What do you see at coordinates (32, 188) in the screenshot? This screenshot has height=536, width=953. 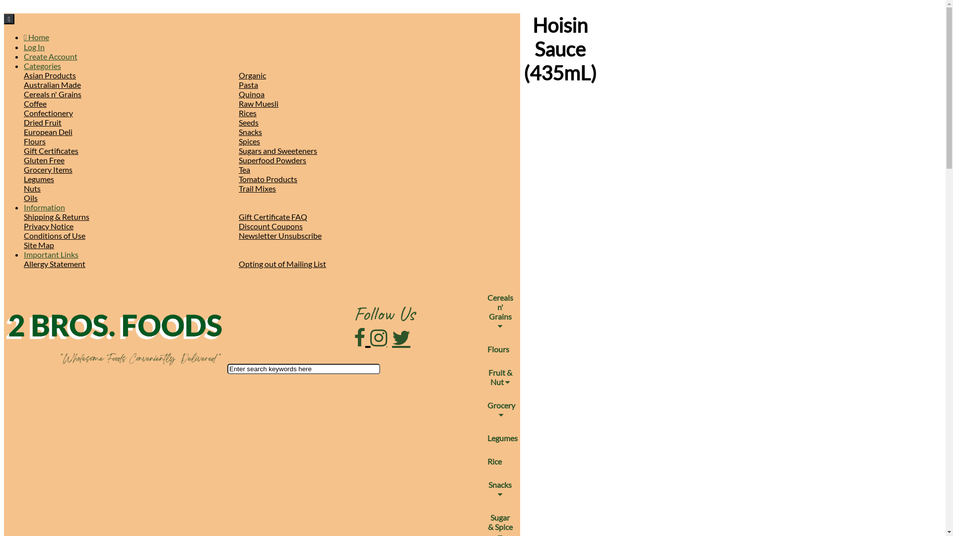 I see `'Nuts'` at bounding box center [32, 188].